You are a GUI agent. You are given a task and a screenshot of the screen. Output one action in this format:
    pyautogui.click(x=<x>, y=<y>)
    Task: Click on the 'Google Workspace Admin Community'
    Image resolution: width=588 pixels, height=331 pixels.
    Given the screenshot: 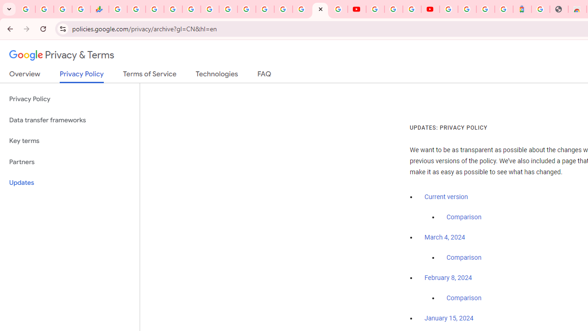 What is the action you would take?
    pyautogui.click(x=26, y=9)
    